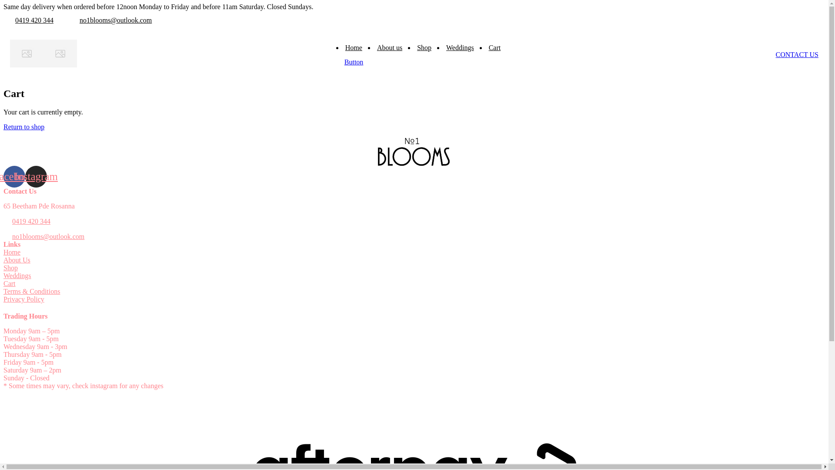 Image resolution: width=835 pixels, height=470 pixels. I want to click on 'Return to shop', so click(23, 127).